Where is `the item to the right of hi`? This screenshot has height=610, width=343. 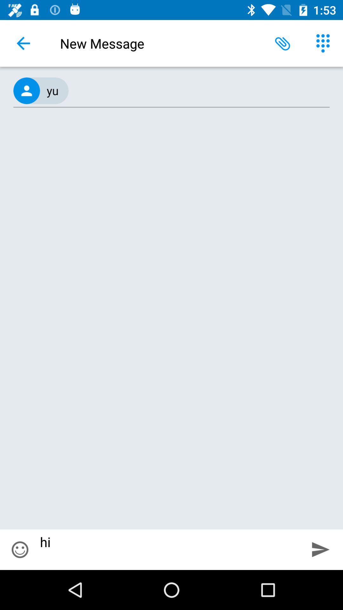 the item to the right of hi is located at coordinates (321, 549).